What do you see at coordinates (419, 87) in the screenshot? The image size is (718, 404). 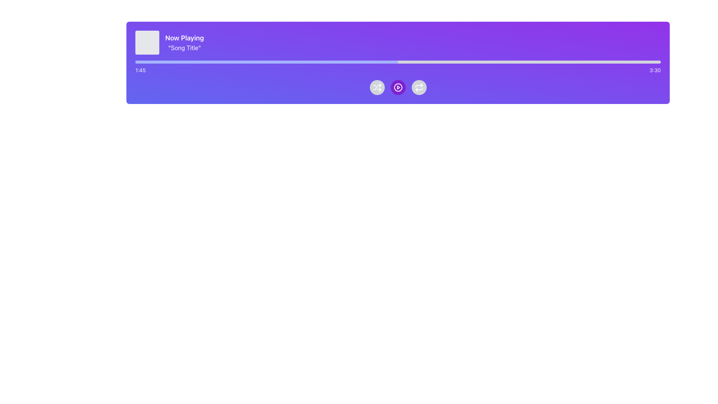 I see `the repeat button in the music player interface` at bounding box center [419, 87].